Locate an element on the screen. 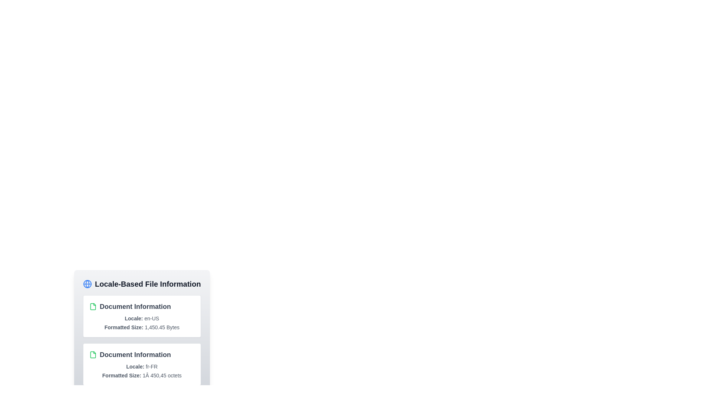 The width and height of the screenshot is (712, 400). the Text Header with Icon that indicates locale-specific file information, positioned at the top of the group is located at coordinates (142, 284).